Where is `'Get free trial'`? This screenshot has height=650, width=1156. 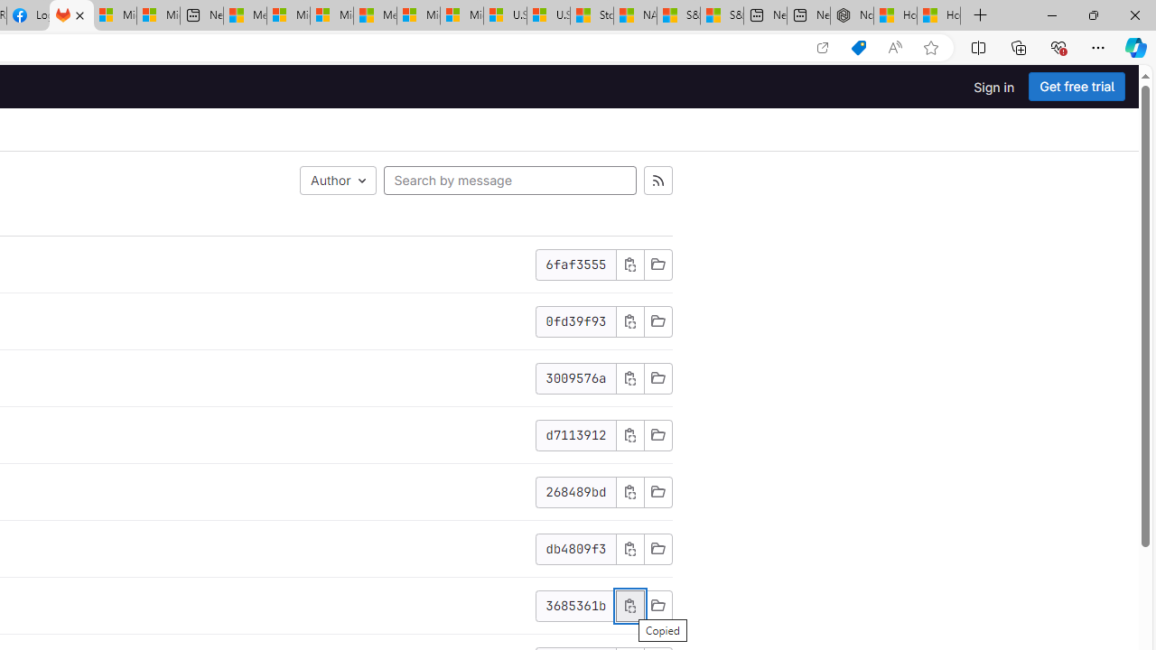 'Get free trial' is located at coordinates (1077, 87).